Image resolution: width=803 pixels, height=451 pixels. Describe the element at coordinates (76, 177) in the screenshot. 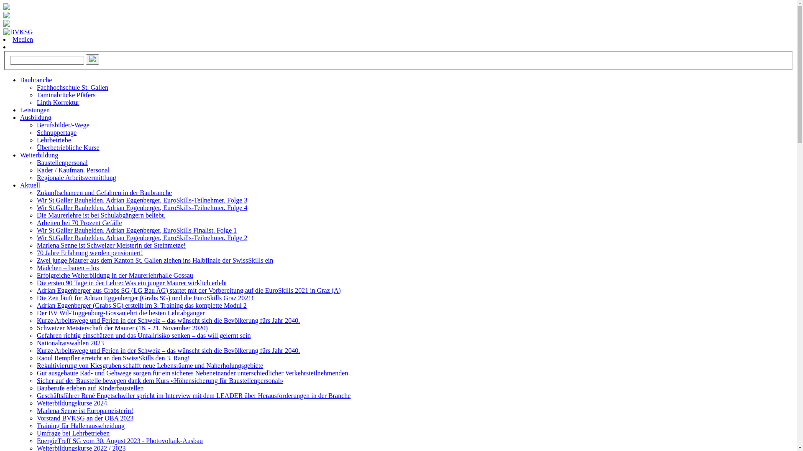

I see `'Regionale Arbeitsvermittlung'` at that location.